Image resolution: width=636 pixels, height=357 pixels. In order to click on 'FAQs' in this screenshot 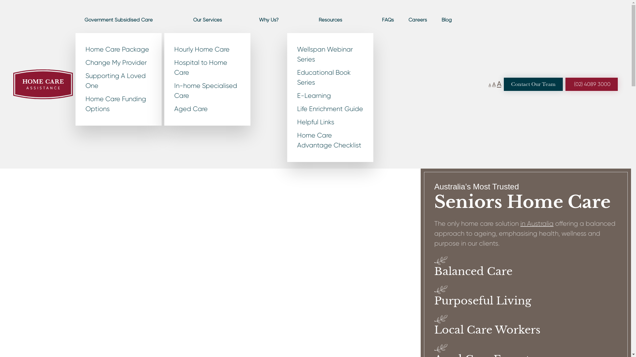, I will do `click(388, 20)`.